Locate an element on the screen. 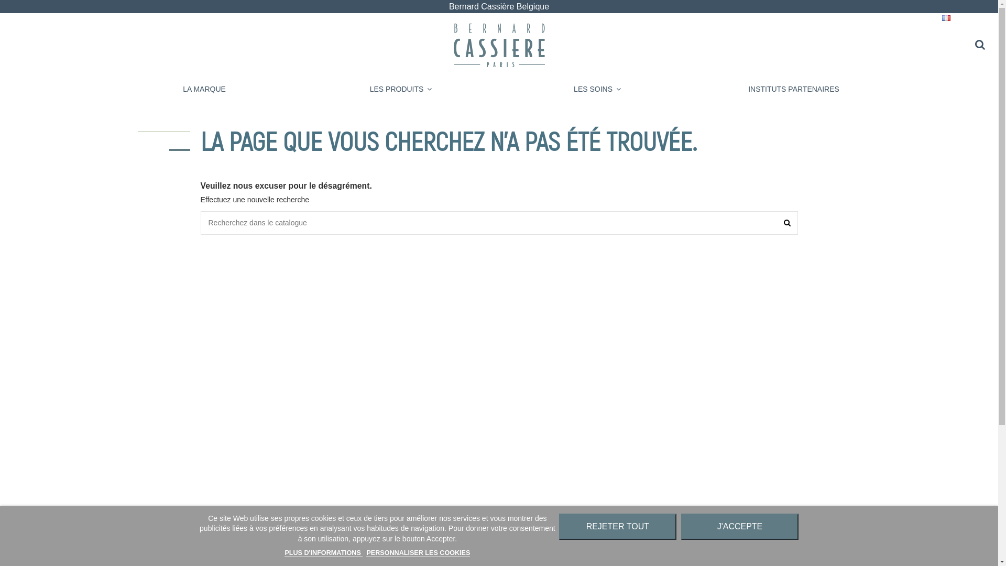 This screenshot has height=566, width=1006. 'PERSONNALISER LES COOKIES' is located at coordinates (417, 552).